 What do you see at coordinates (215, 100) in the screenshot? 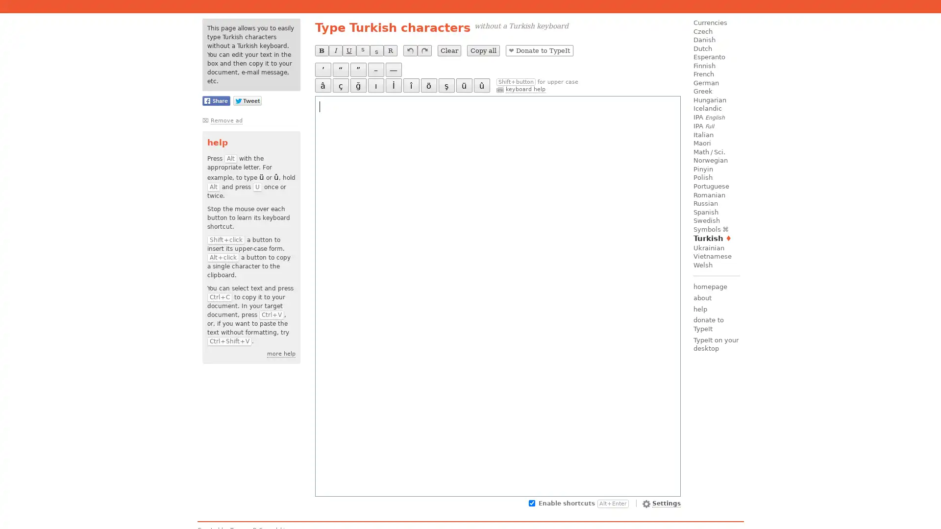
I see `Share this page on Facebook` at bounding box center [215, 100].